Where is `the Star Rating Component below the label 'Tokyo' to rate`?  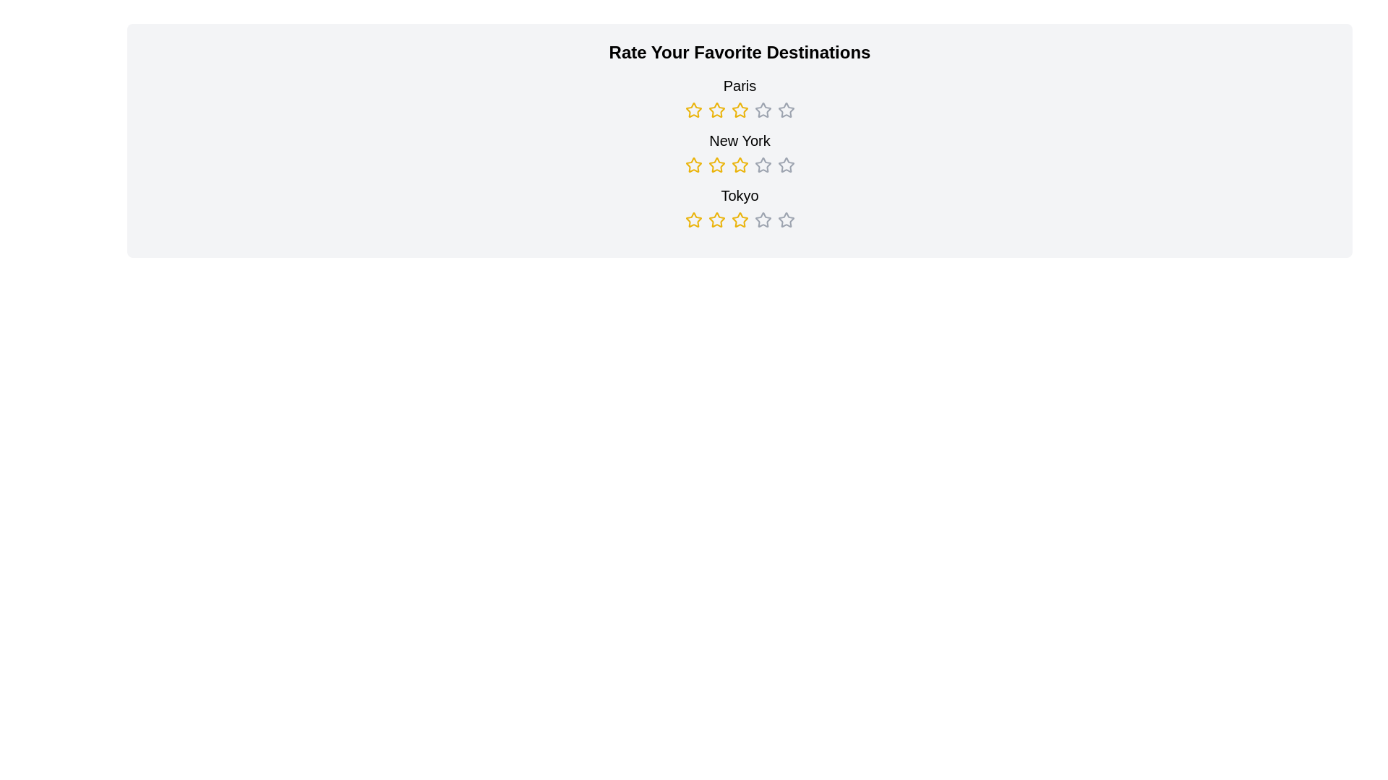
the Star Rating Component below the label 'Tokyo' to rate is located at coordinates (740, 220).